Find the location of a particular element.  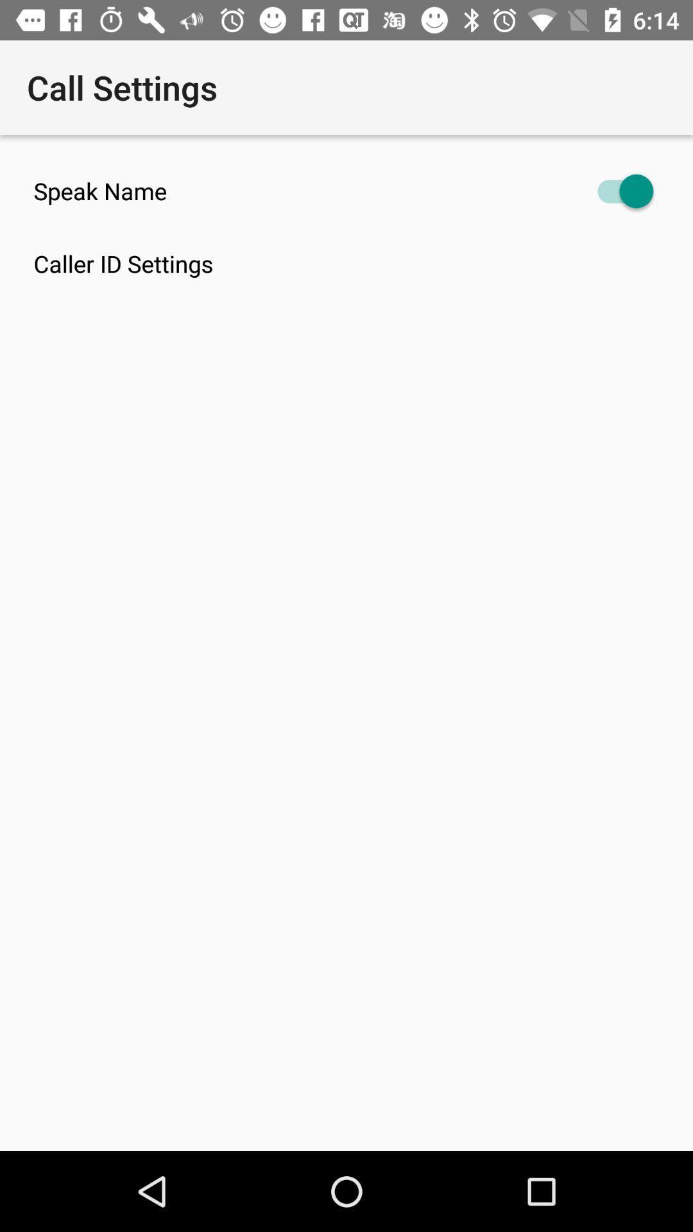

speak name is located at coordinates (346, 191).